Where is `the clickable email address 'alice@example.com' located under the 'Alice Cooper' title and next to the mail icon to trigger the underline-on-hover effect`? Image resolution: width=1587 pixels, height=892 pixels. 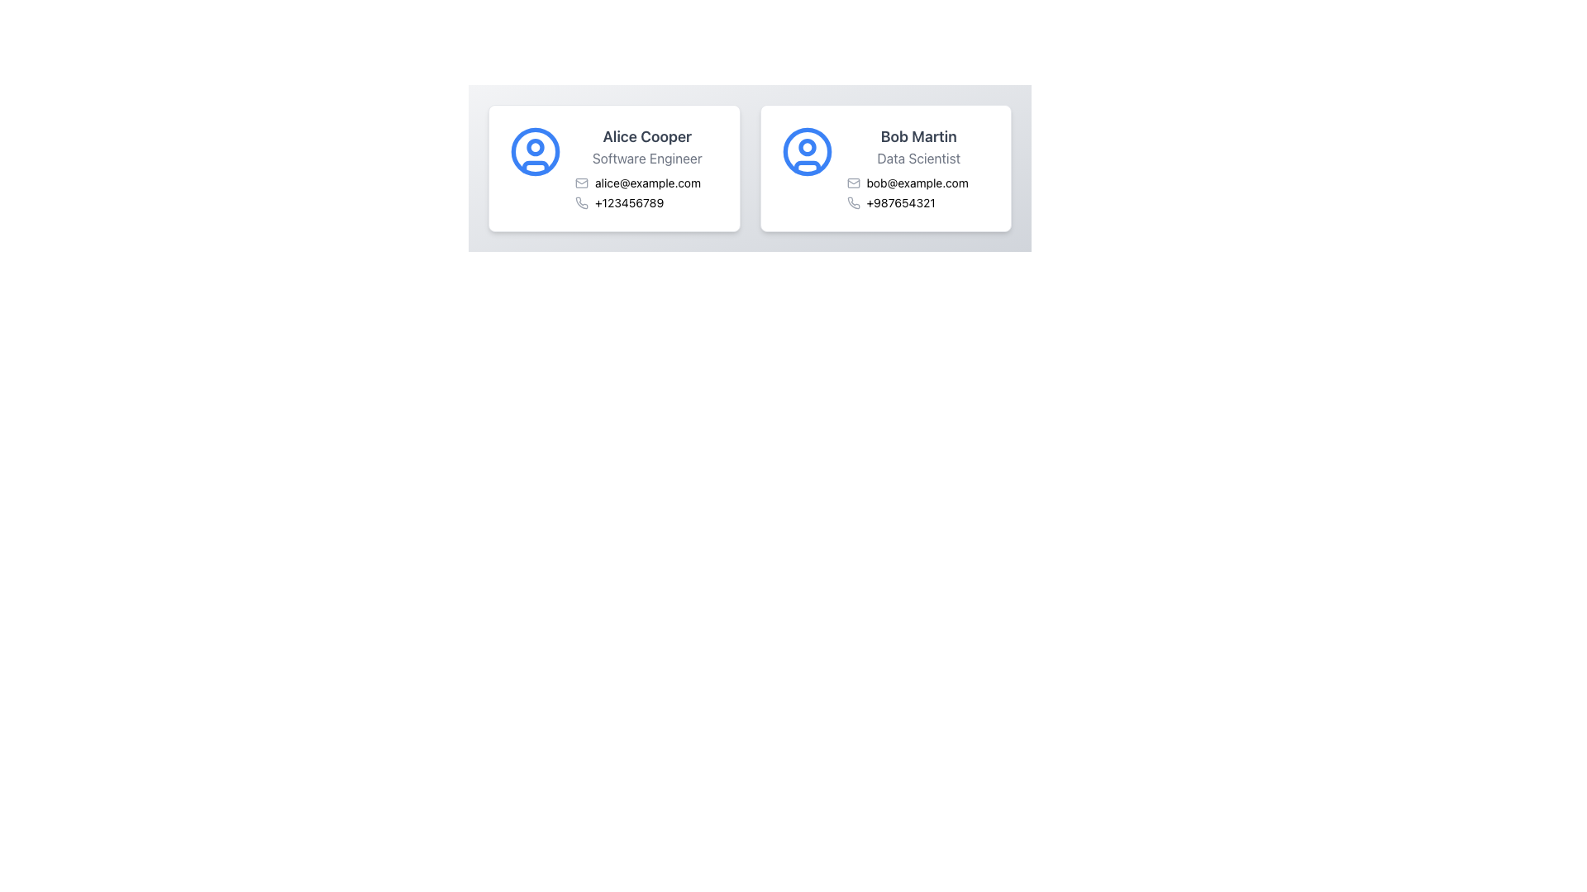
the clickable email address 'alice@example.com' located under the 'Alice Cooper' title and next to the mail icon to trigger the underline-on-hover effect is located at coordinates (647, 183).